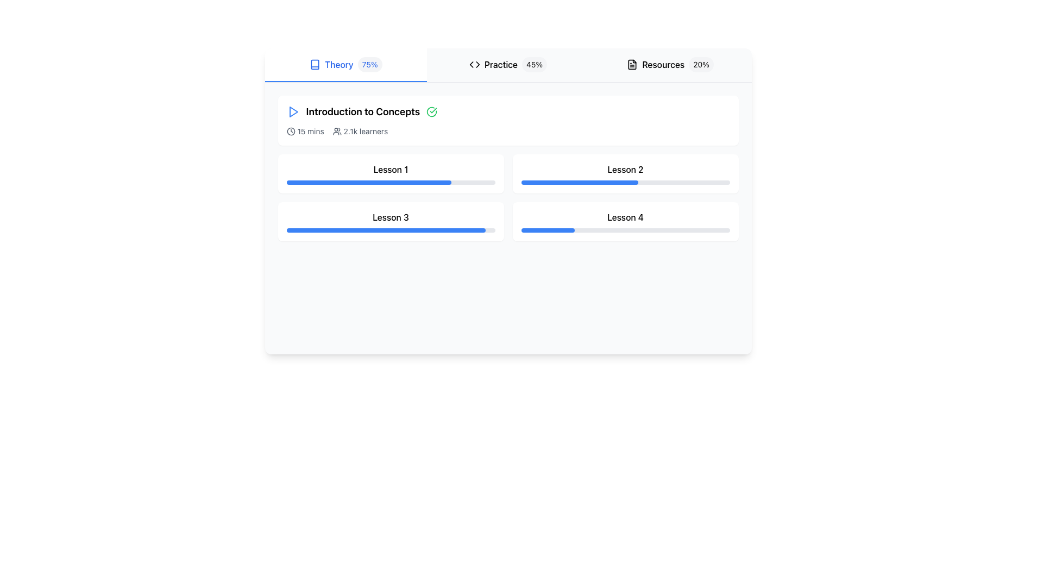 Image resolution: width=1043 pixels, height=587 pixels. What do you see at coordinates (369, 182) in the screenshot?
I see `the blue filling of the progress bar indicator for 'Lesson 1' to interact with it` at bounding box center [369, 182].